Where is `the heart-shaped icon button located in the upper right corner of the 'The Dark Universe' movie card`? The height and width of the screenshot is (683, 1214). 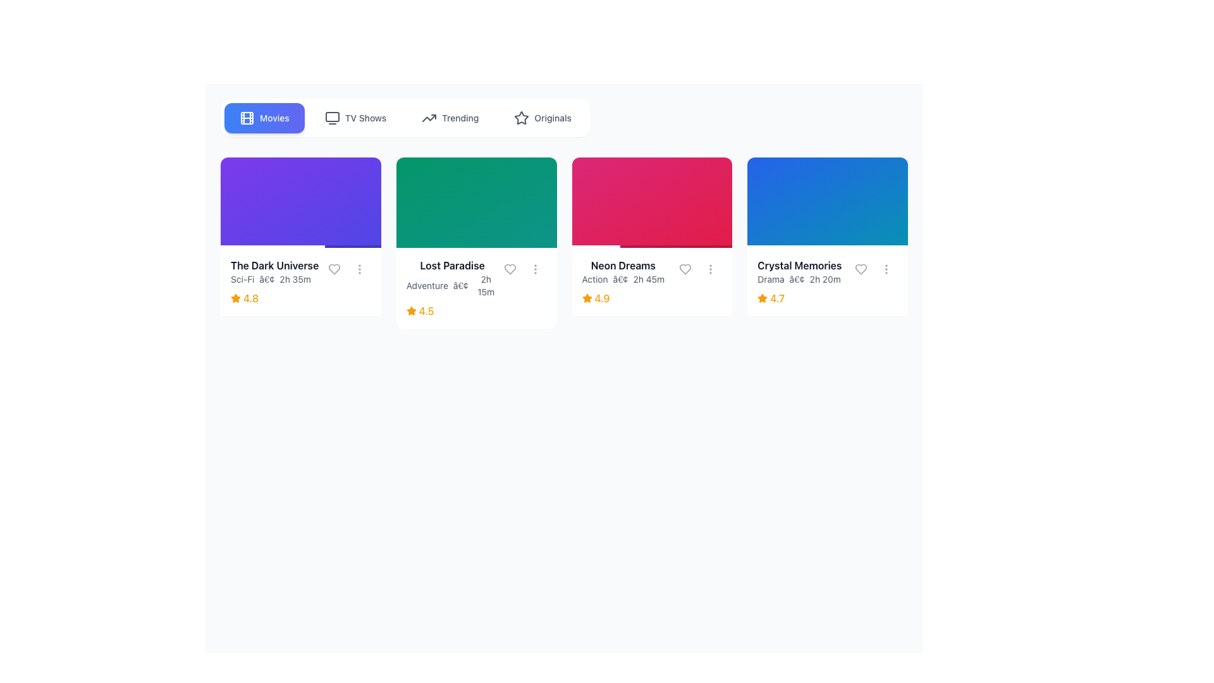
the heart-shaped icon button located in the upper right corner of the 'The Dark Universe' movie card is located at coordinates (334, 268).